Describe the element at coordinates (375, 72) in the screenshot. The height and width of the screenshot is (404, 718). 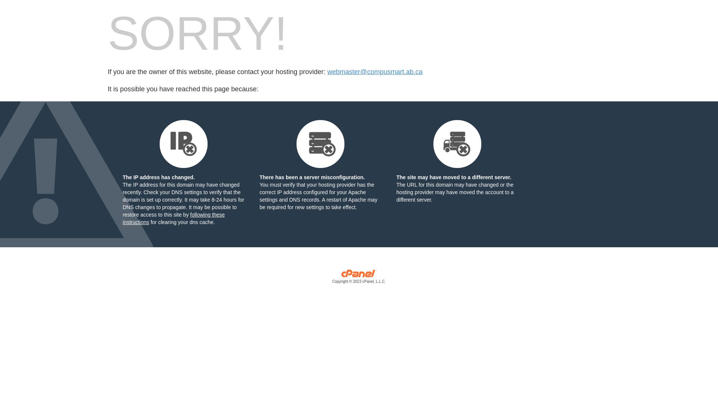
I see `'webmaster@compusmart.ab.ca'` at that location.